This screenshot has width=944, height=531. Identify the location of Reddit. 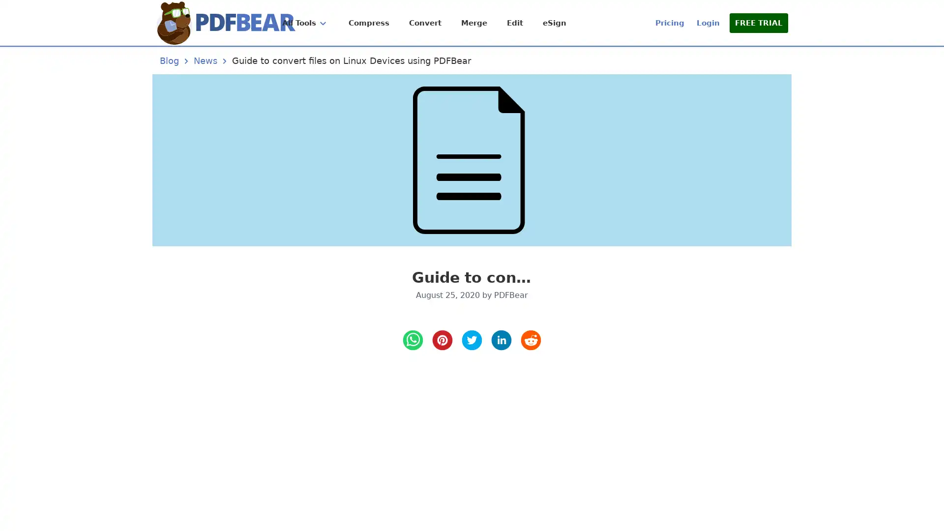
(531, 339).